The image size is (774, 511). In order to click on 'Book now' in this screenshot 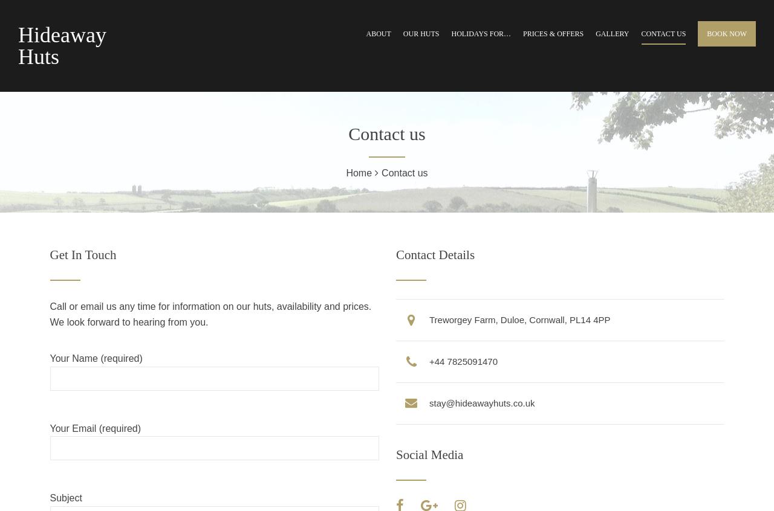, I will do `click(726, 33)`.